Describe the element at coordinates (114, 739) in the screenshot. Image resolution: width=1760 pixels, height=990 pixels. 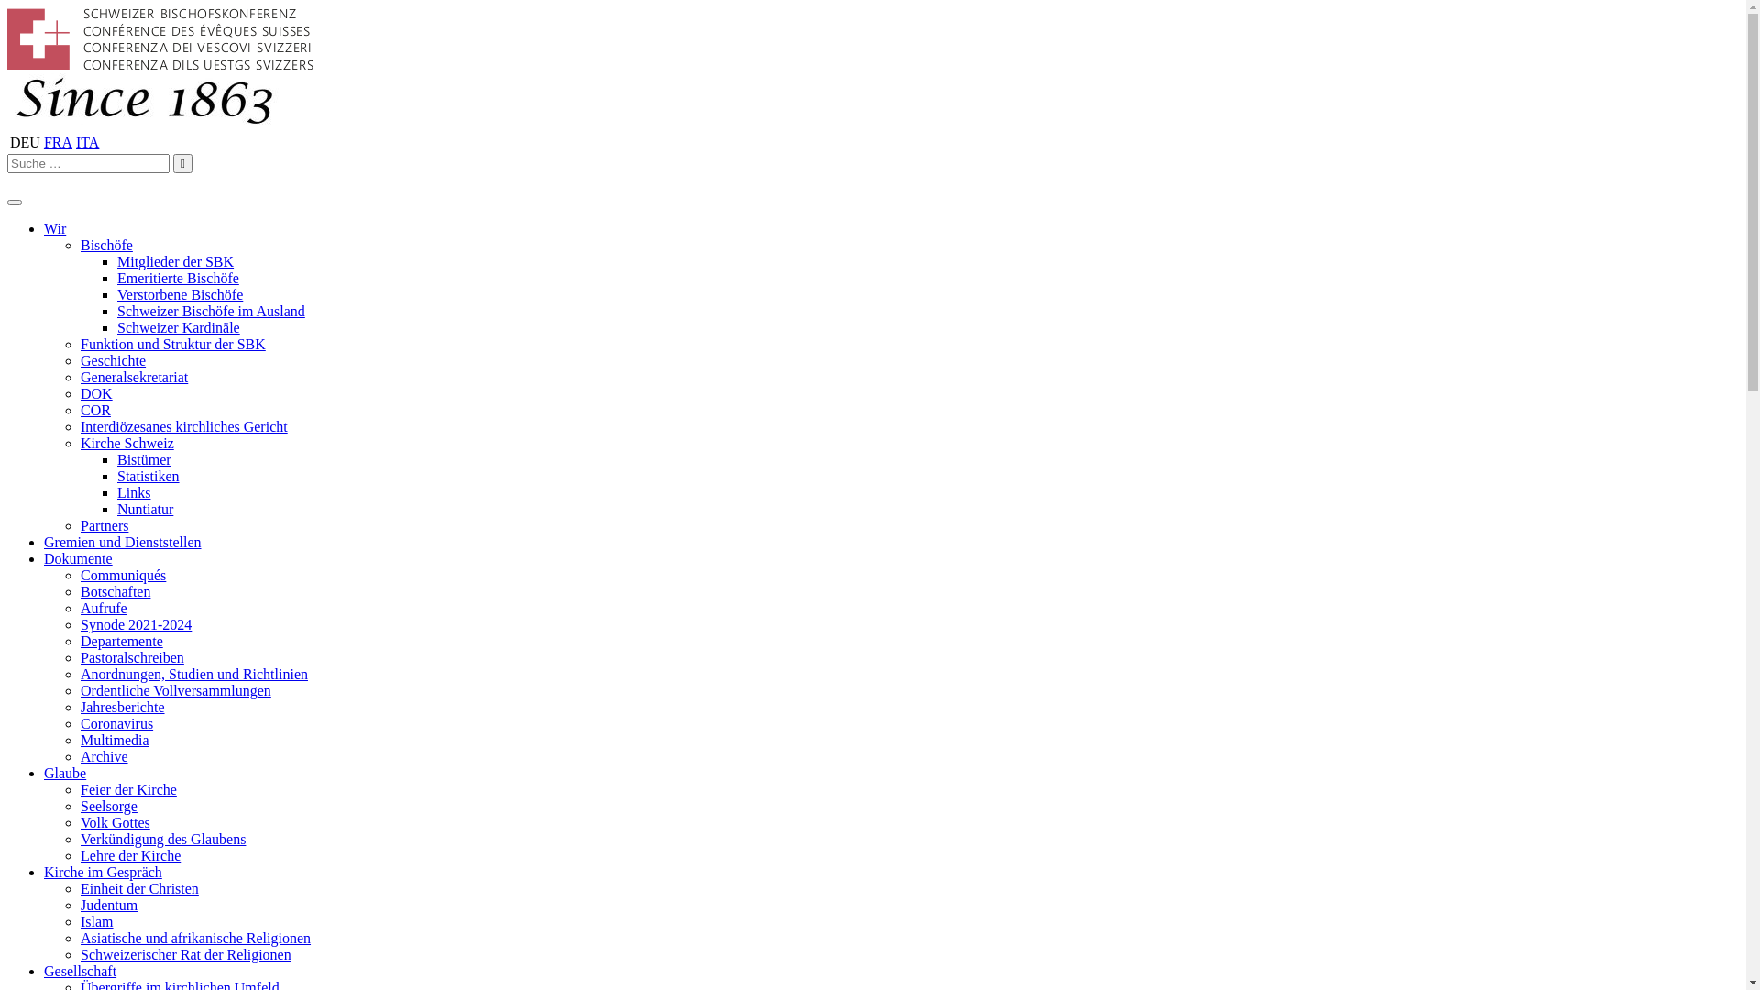
I see `'Multimedia'` at that location.